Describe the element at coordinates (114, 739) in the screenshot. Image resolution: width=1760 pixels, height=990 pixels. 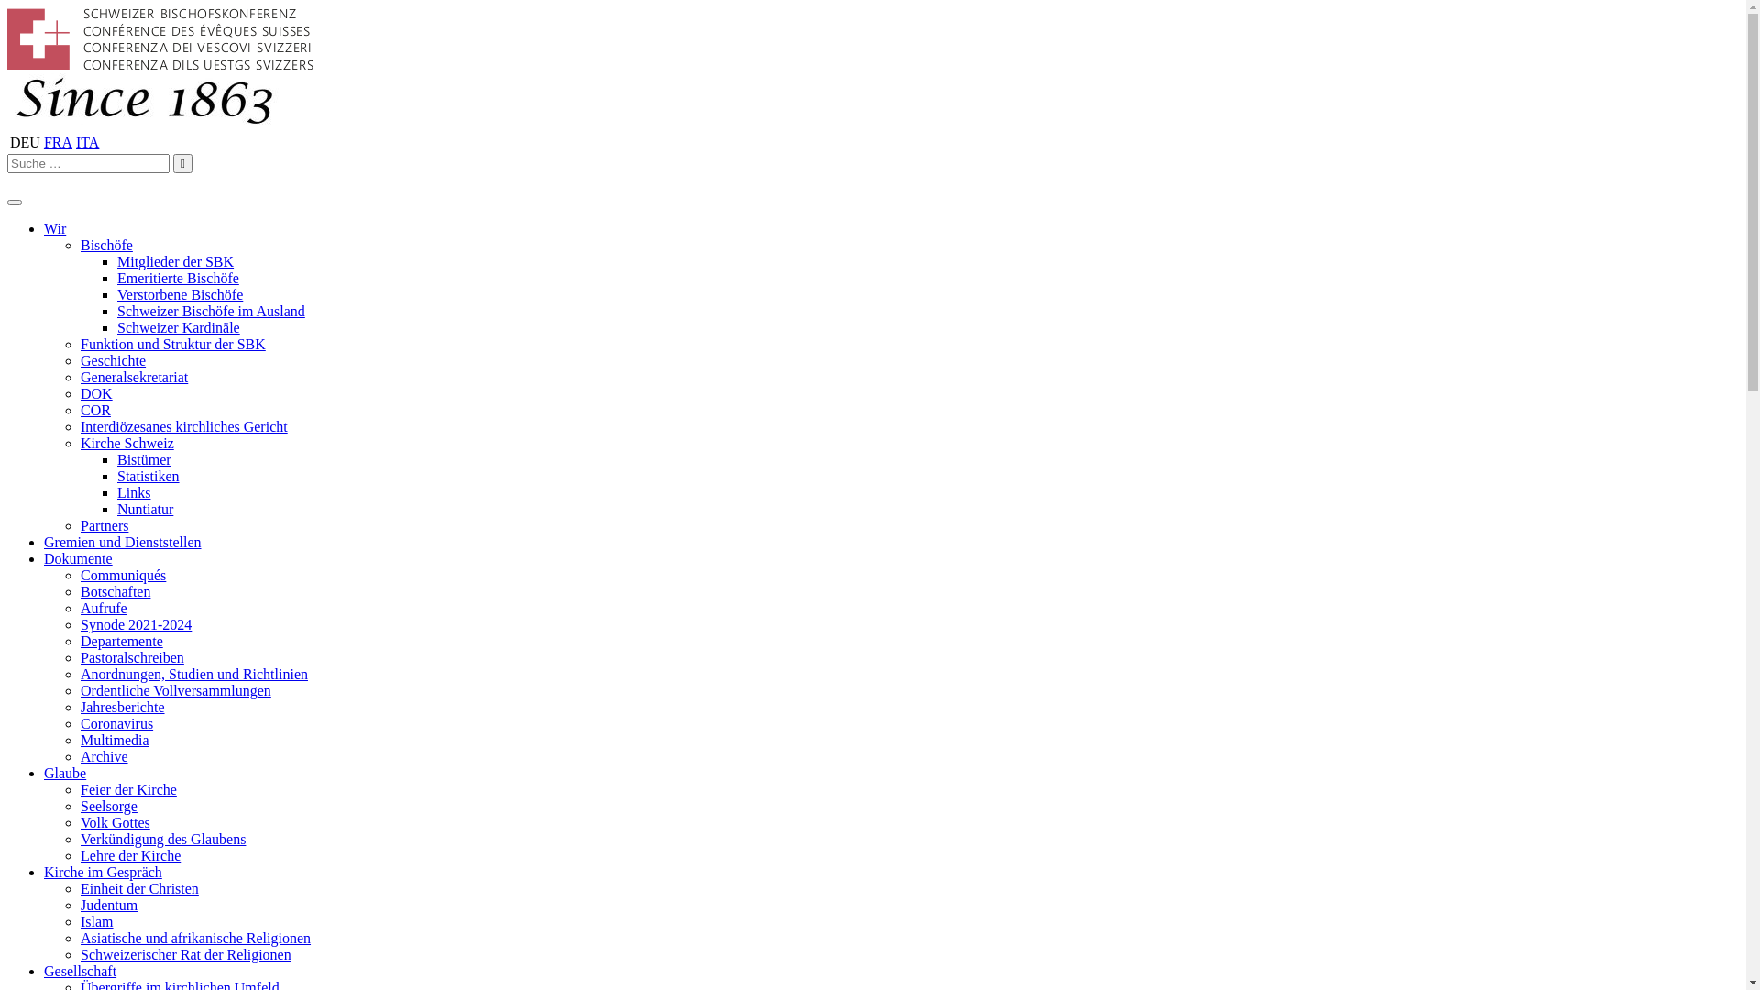
I see `'Multimedia'` at that location.